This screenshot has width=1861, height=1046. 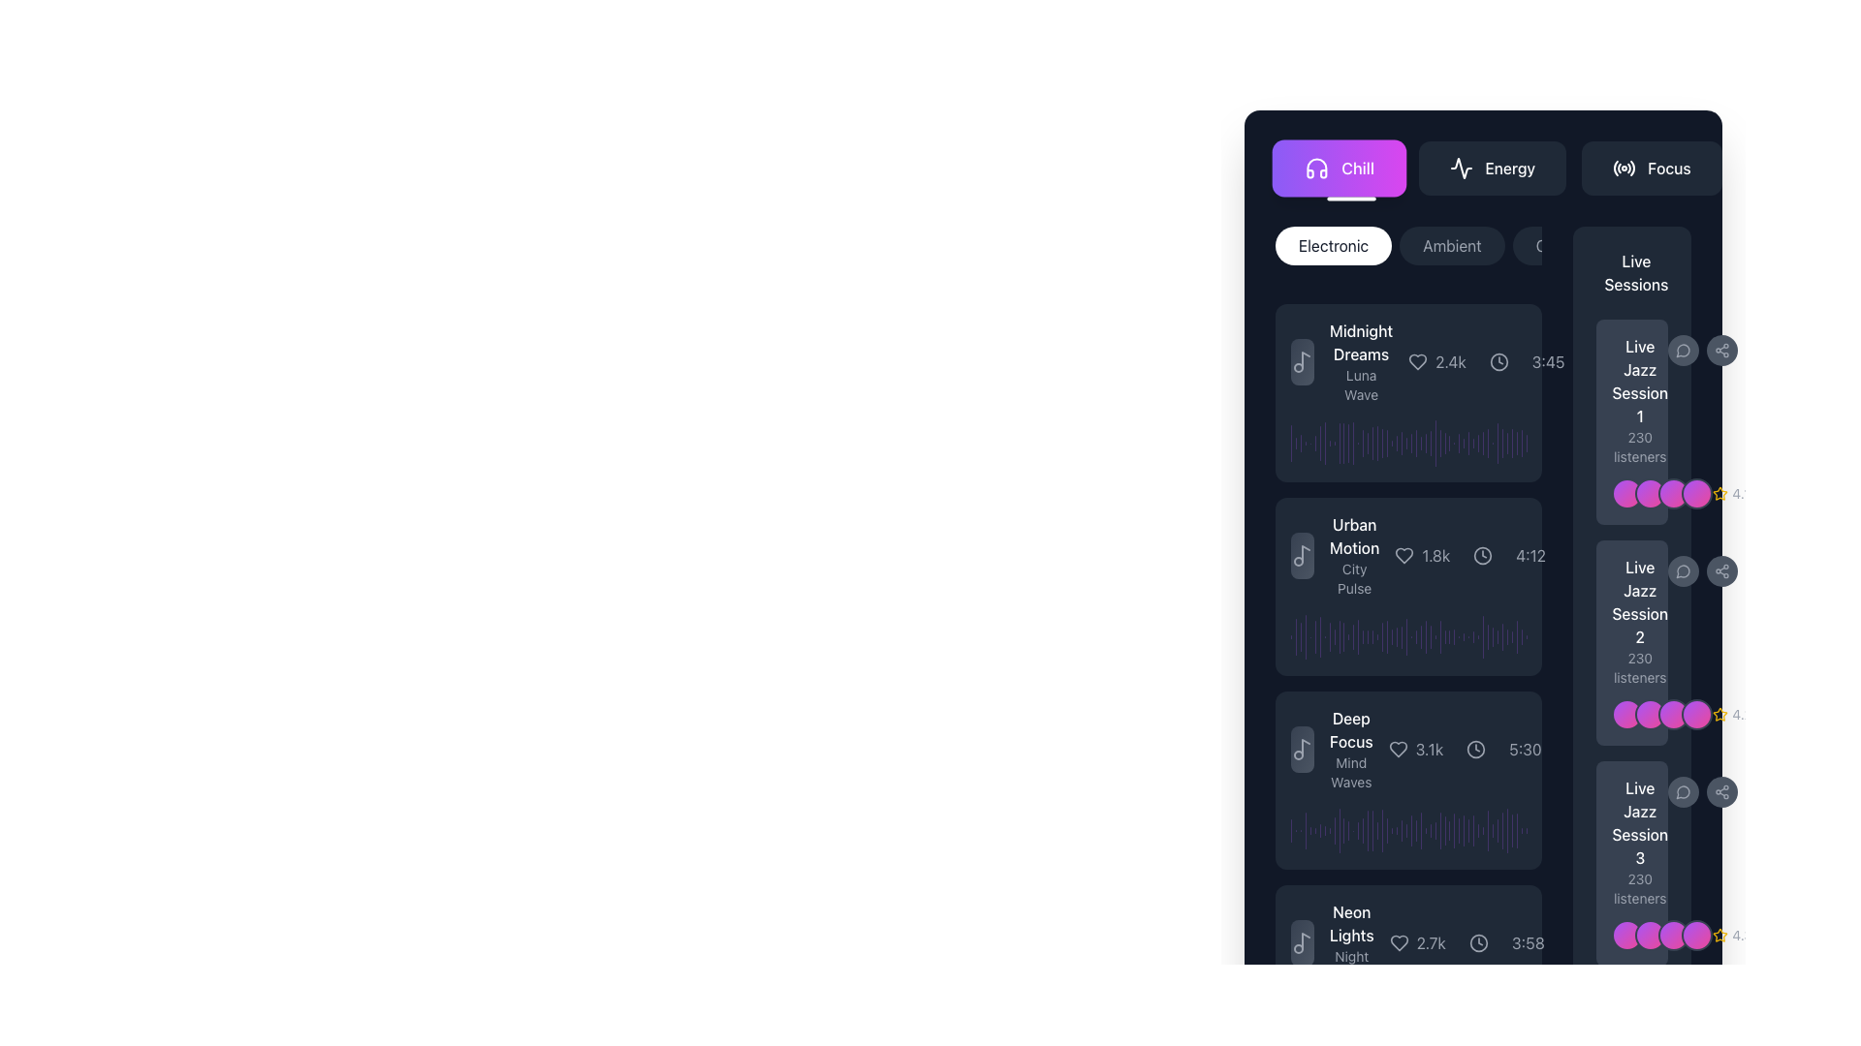 What do you see at coordinates (1291, 444) in the screenshot?
I see `the first Progress bar segment located at the far left of its section in the interface, which visually represents a specific value within a graphical chart` at bounding box center [1291, 444].